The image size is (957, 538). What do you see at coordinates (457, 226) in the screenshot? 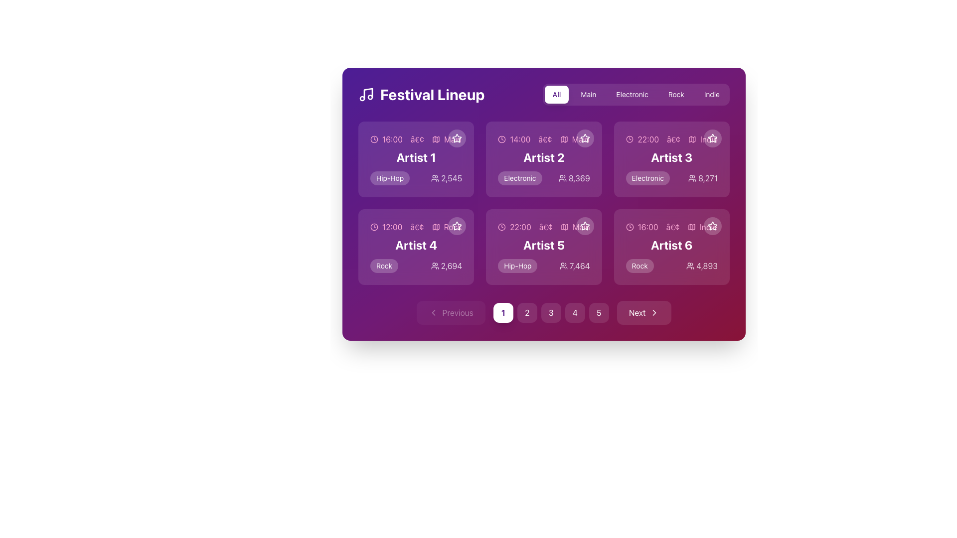
I see `the star-shaped icon with a hollow outline, designed for favoriting items, located in the top right corner of the card for 'Artist 4'` at bounding box center [457, 226].